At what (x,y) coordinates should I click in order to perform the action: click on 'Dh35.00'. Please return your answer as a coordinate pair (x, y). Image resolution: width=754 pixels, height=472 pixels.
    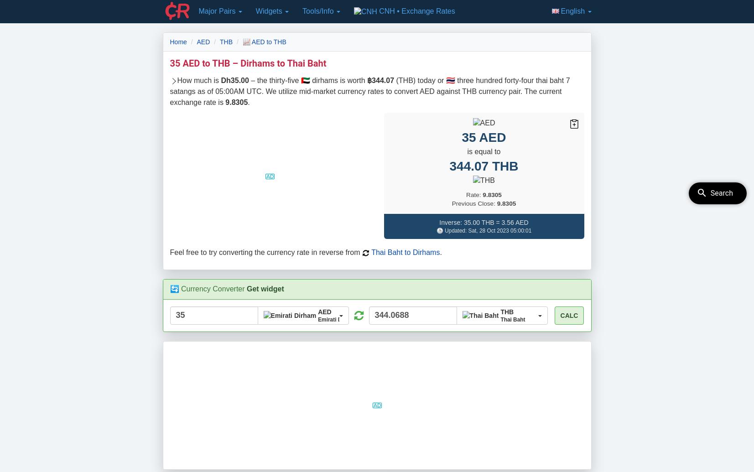
    Looking at the image, I should click on (234, 80).